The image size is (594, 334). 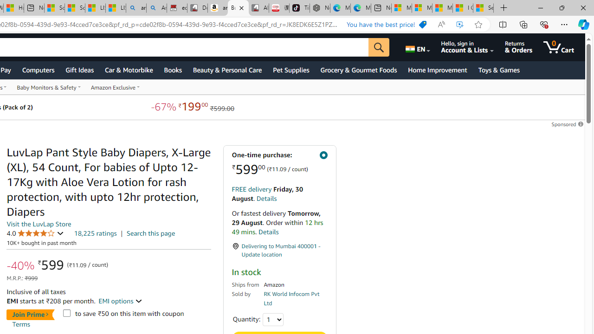 I want to click on 'Terms', so click(x=21, y=323).